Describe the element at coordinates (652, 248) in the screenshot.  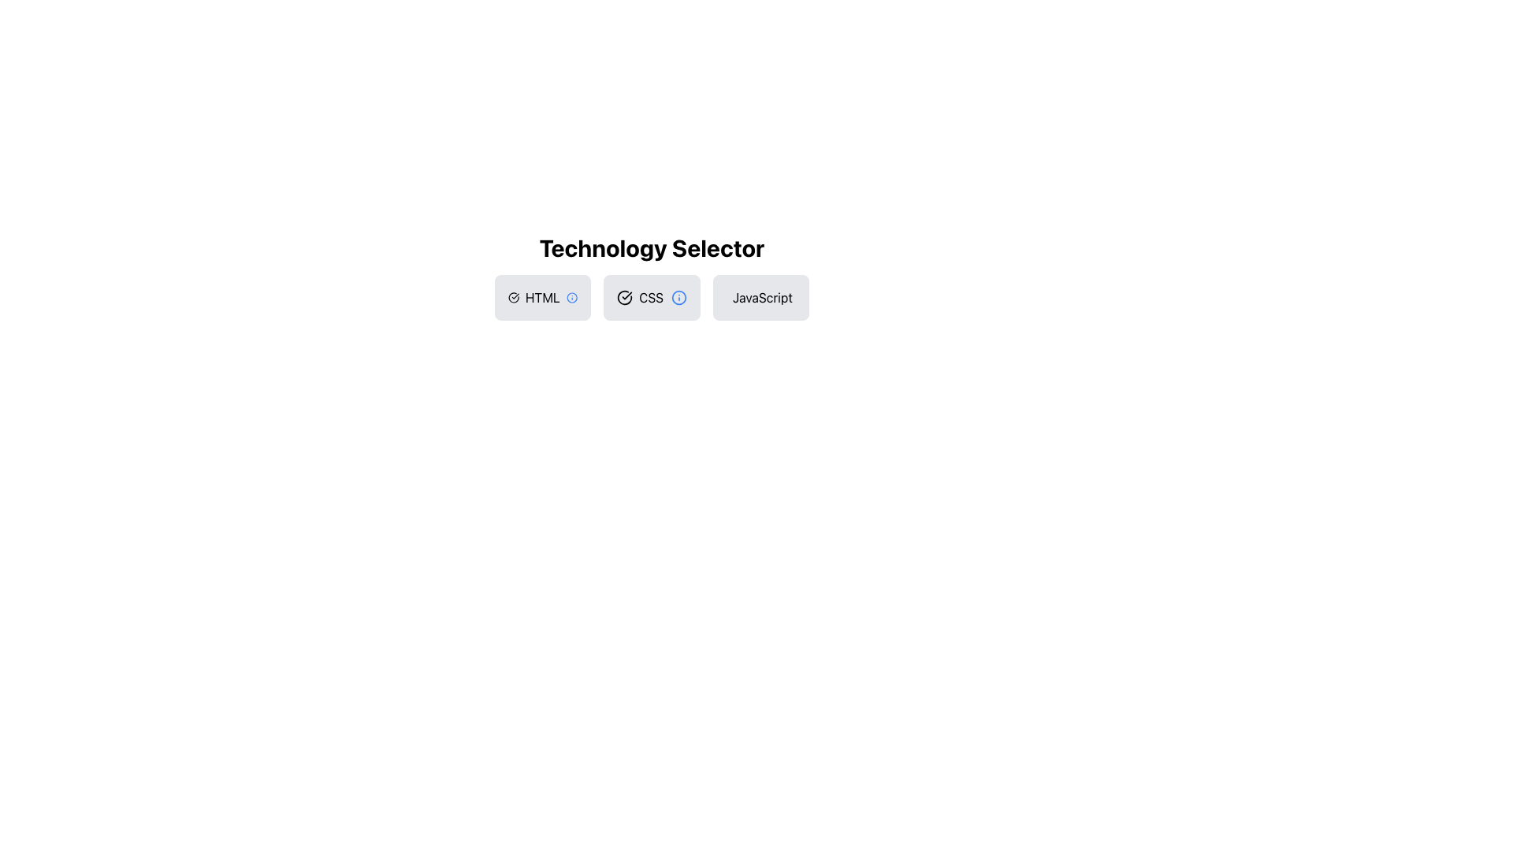
I see `the Static Text element labeled 'Technology Selector', which is prominently displayed in bold and large font at the top of the button group for HTML, CSS, and JavaScript` at that location.